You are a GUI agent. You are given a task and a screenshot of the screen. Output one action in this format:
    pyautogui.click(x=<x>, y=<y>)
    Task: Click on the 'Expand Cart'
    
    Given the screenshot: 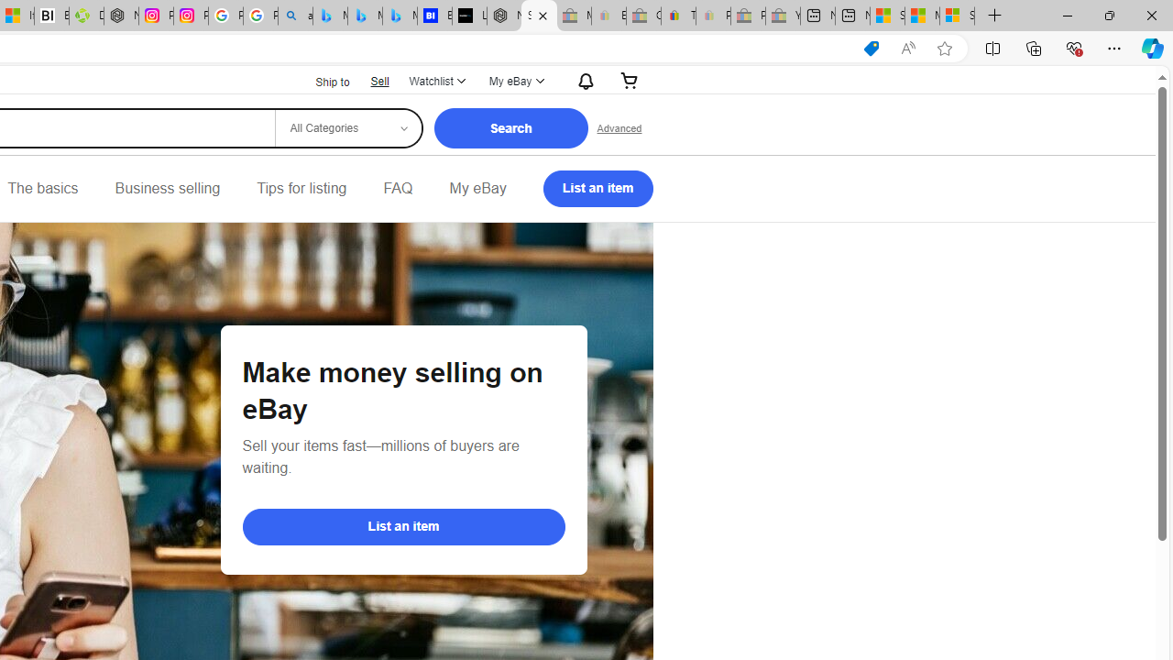 What is the action you would take?
    pyautogui.click(x=630, y=80)
    